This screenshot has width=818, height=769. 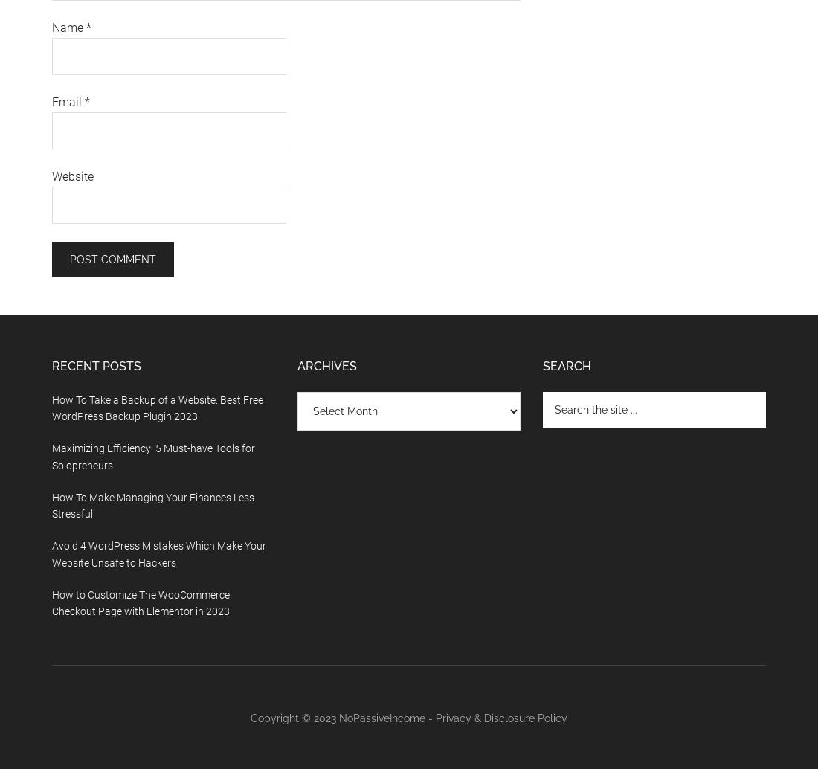 What do you see at coordinates (567, 365) in the screenshot?
I see `'Search'` at bounding box center [567, 365].